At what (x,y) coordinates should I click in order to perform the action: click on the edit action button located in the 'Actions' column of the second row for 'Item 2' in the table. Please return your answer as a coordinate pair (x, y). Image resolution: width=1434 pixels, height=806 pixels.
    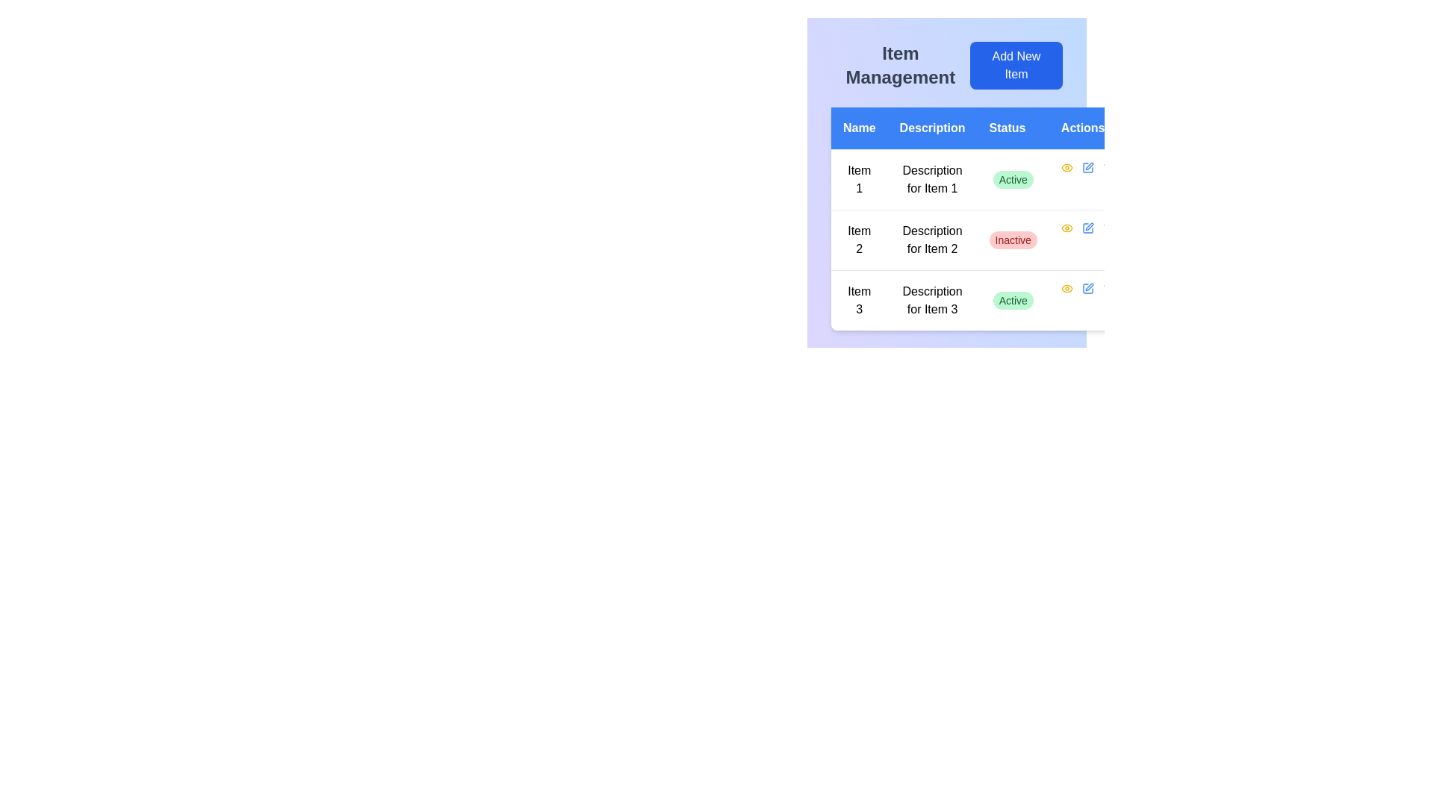
    Looking at the image, I should click on (1089, 227).